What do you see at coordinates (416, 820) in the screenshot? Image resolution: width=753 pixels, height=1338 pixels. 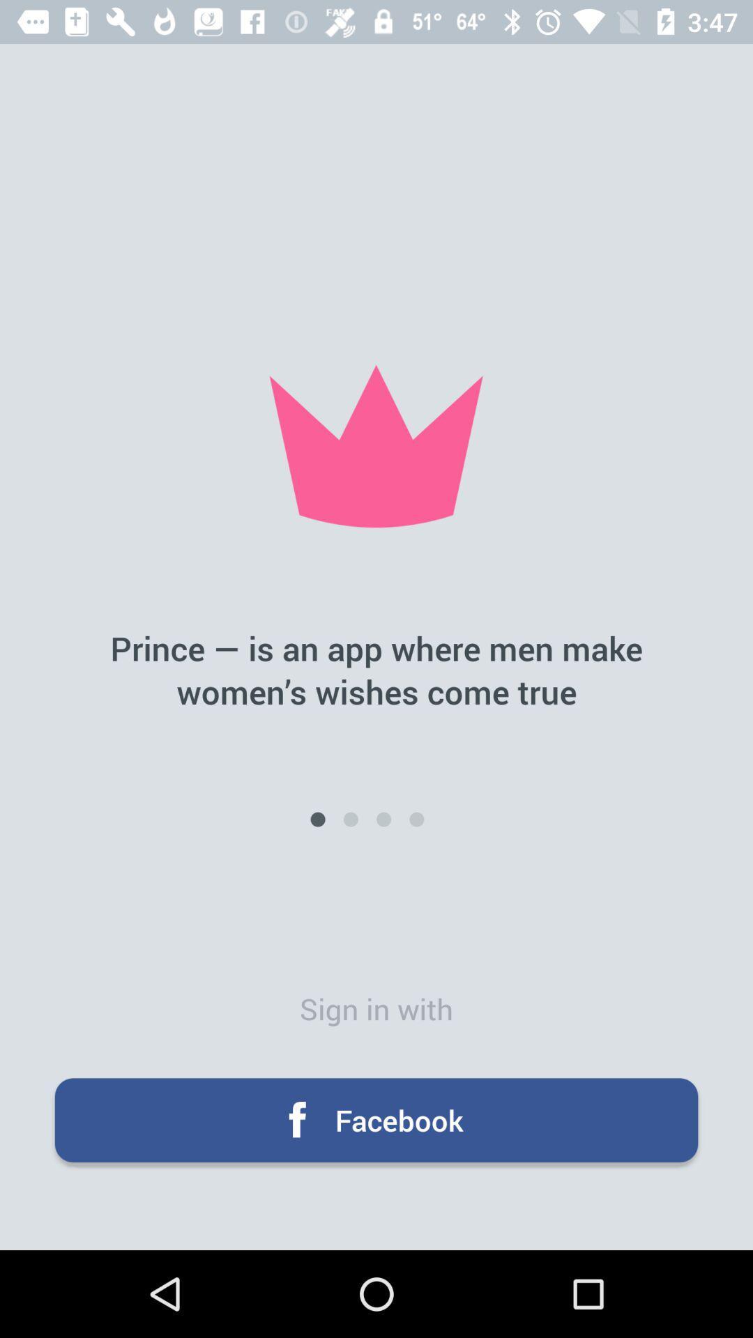 I see `the item below the prince is an` at bounding box center [416, 820].